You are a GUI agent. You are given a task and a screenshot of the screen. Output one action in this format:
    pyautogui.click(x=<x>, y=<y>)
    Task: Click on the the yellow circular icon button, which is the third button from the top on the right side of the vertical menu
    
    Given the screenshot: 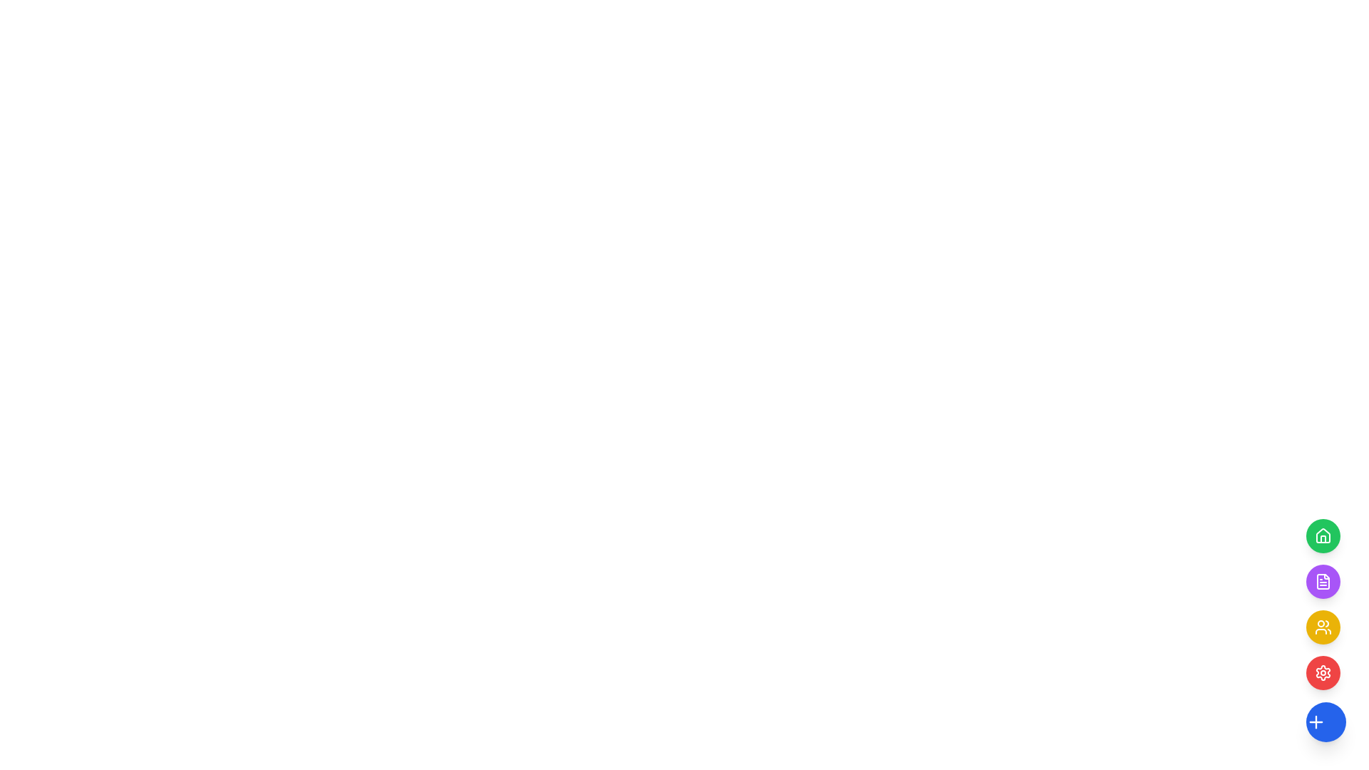 What is the action you would take?
    pyautogui.click(x=1323, y=626)
    